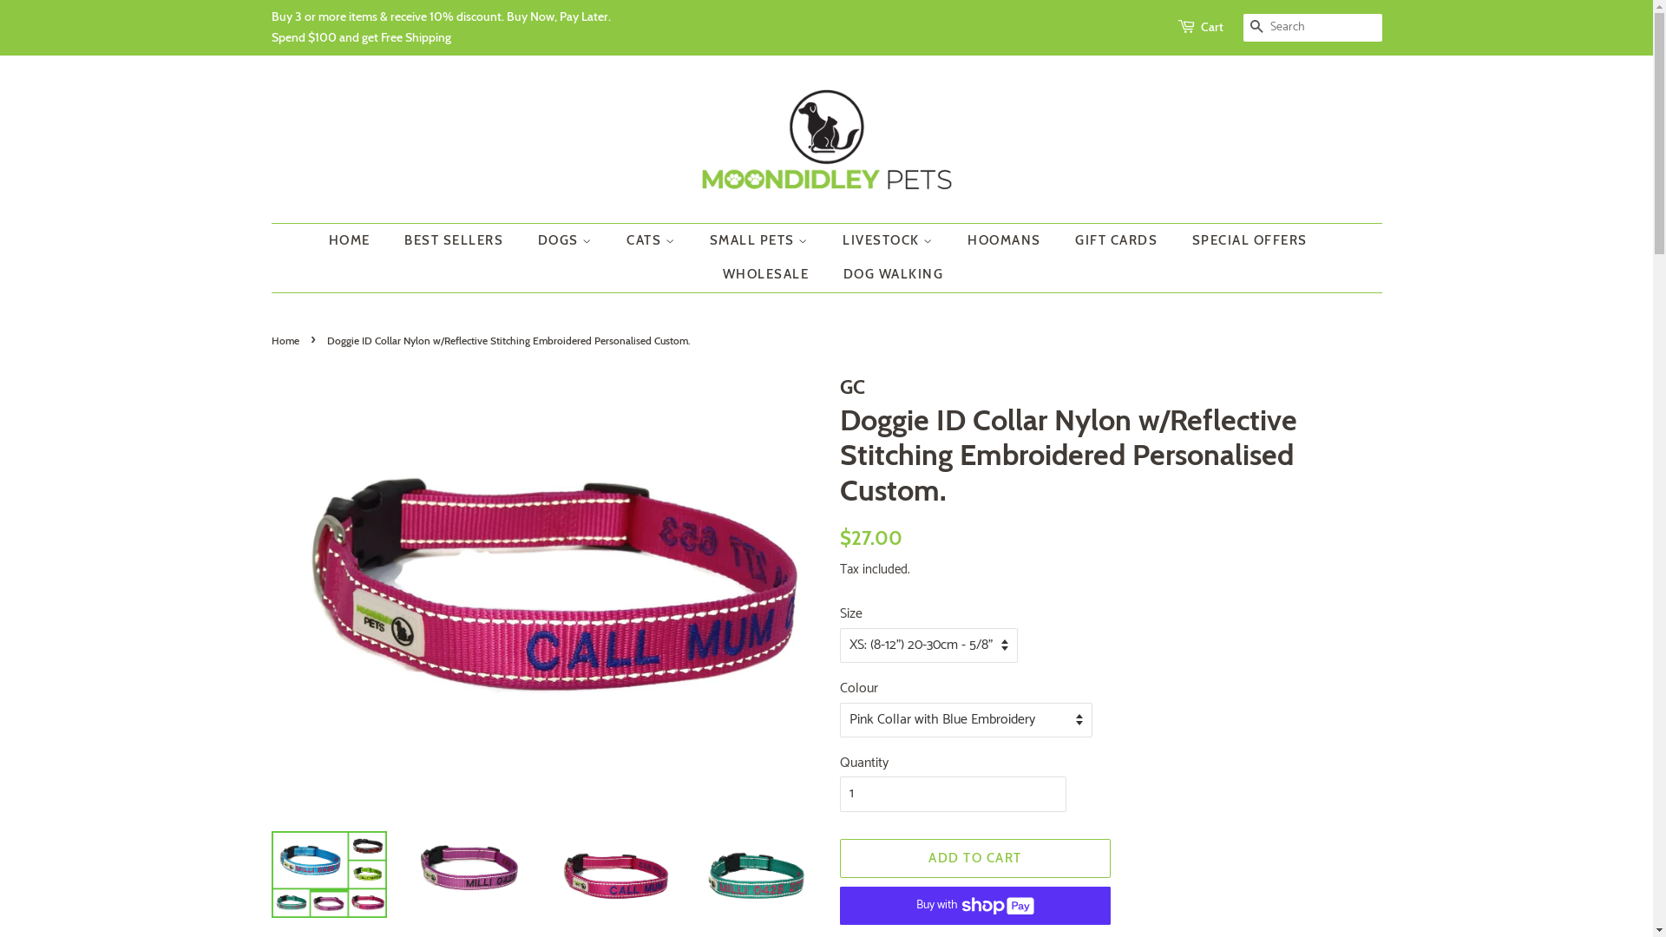 The width and height of the screenshot is (1666, 937). Describe the element at coordinates (357, 240) in the screenshot. I see `'HOME'` at that location.